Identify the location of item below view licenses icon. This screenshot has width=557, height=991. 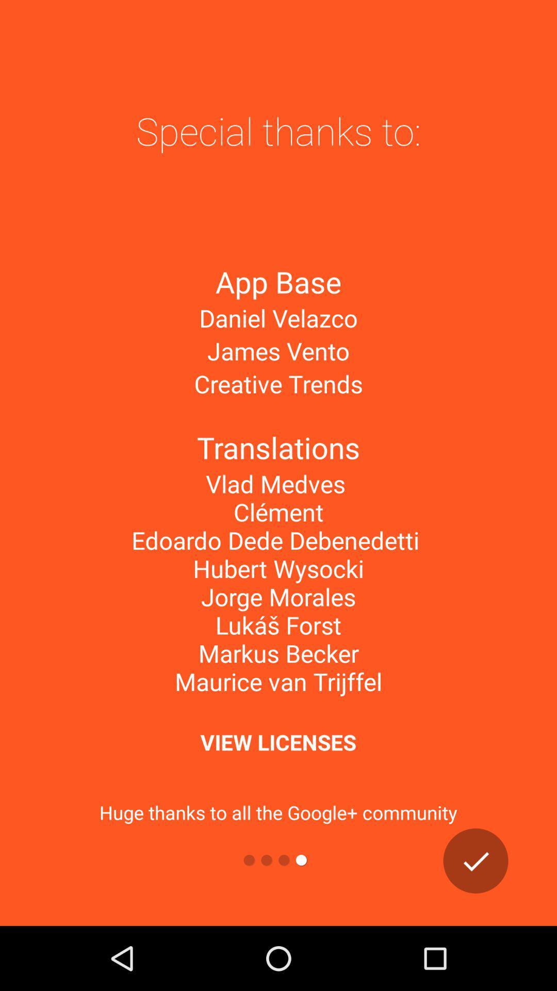
(476, 861).